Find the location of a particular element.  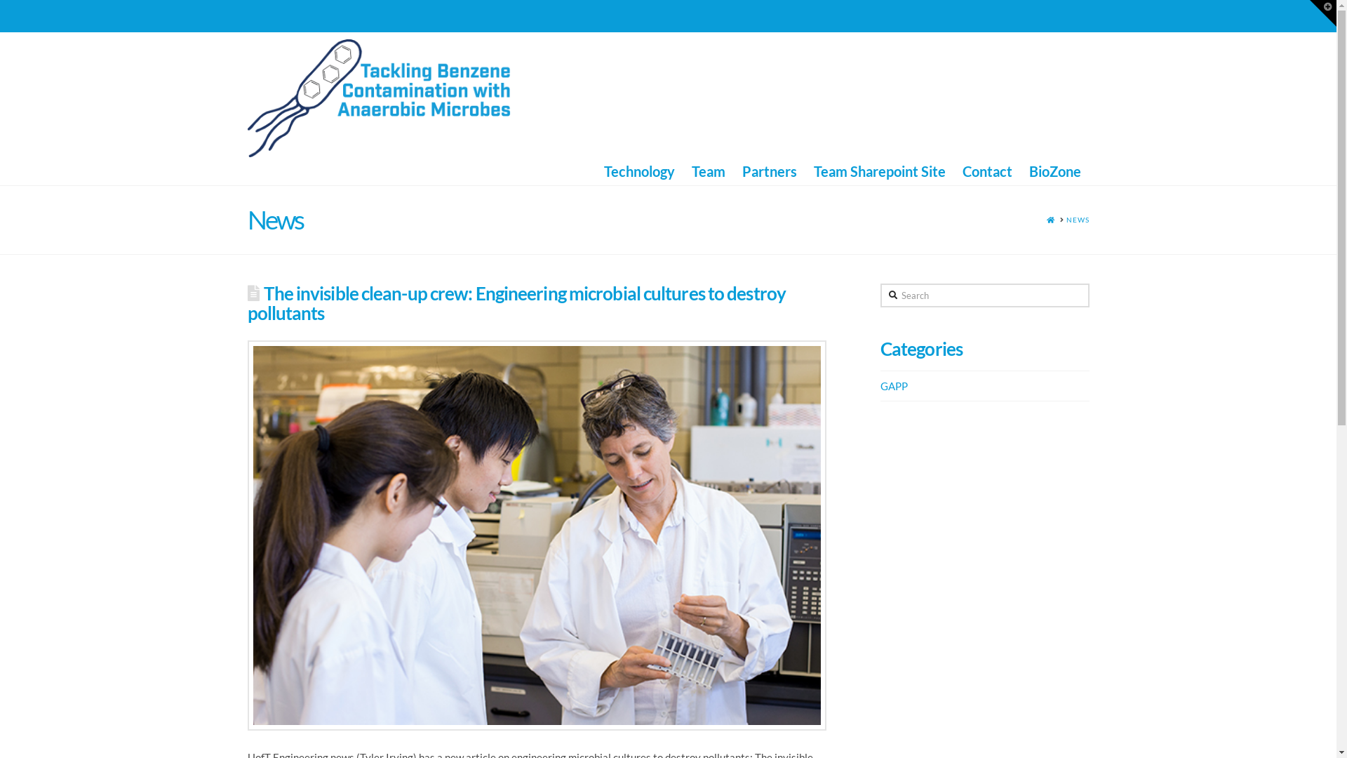

'HOME' is located at coordinates (1050, 220).